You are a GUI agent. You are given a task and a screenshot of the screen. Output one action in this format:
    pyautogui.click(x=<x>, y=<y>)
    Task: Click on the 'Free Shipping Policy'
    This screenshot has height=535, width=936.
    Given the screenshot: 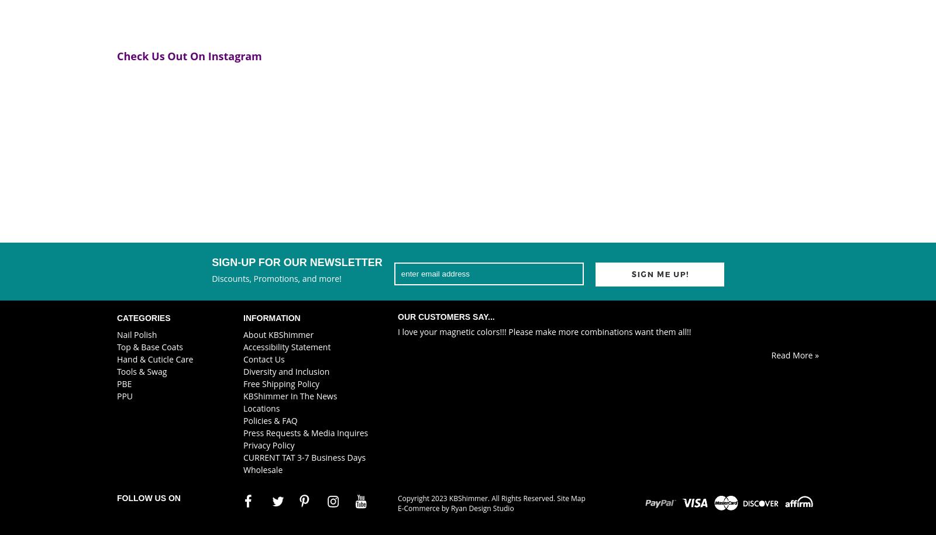 What is the action you would take?
    pyautogui.click(x=280, y=383)
    